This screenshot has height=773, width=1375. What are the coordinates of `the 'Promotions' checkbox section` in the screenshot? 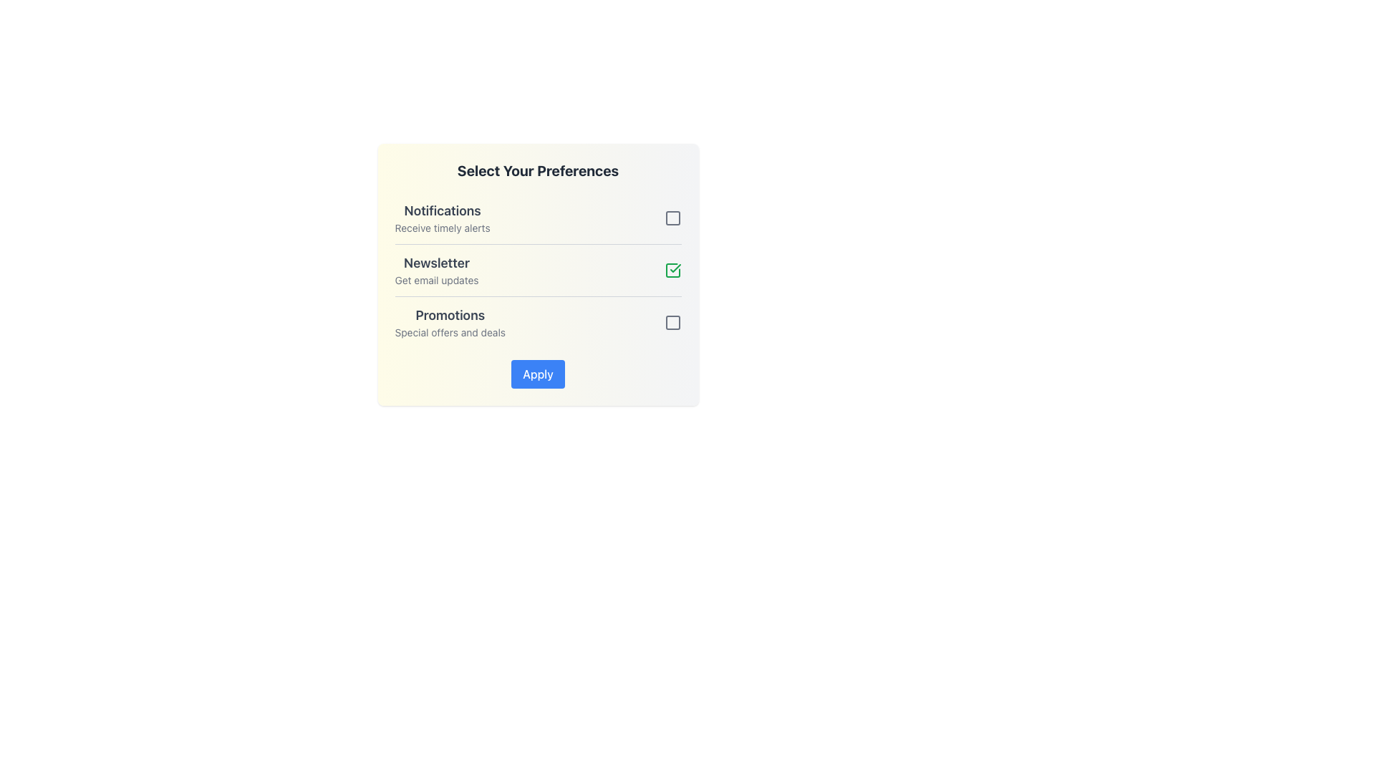 It's located at (537, 322).